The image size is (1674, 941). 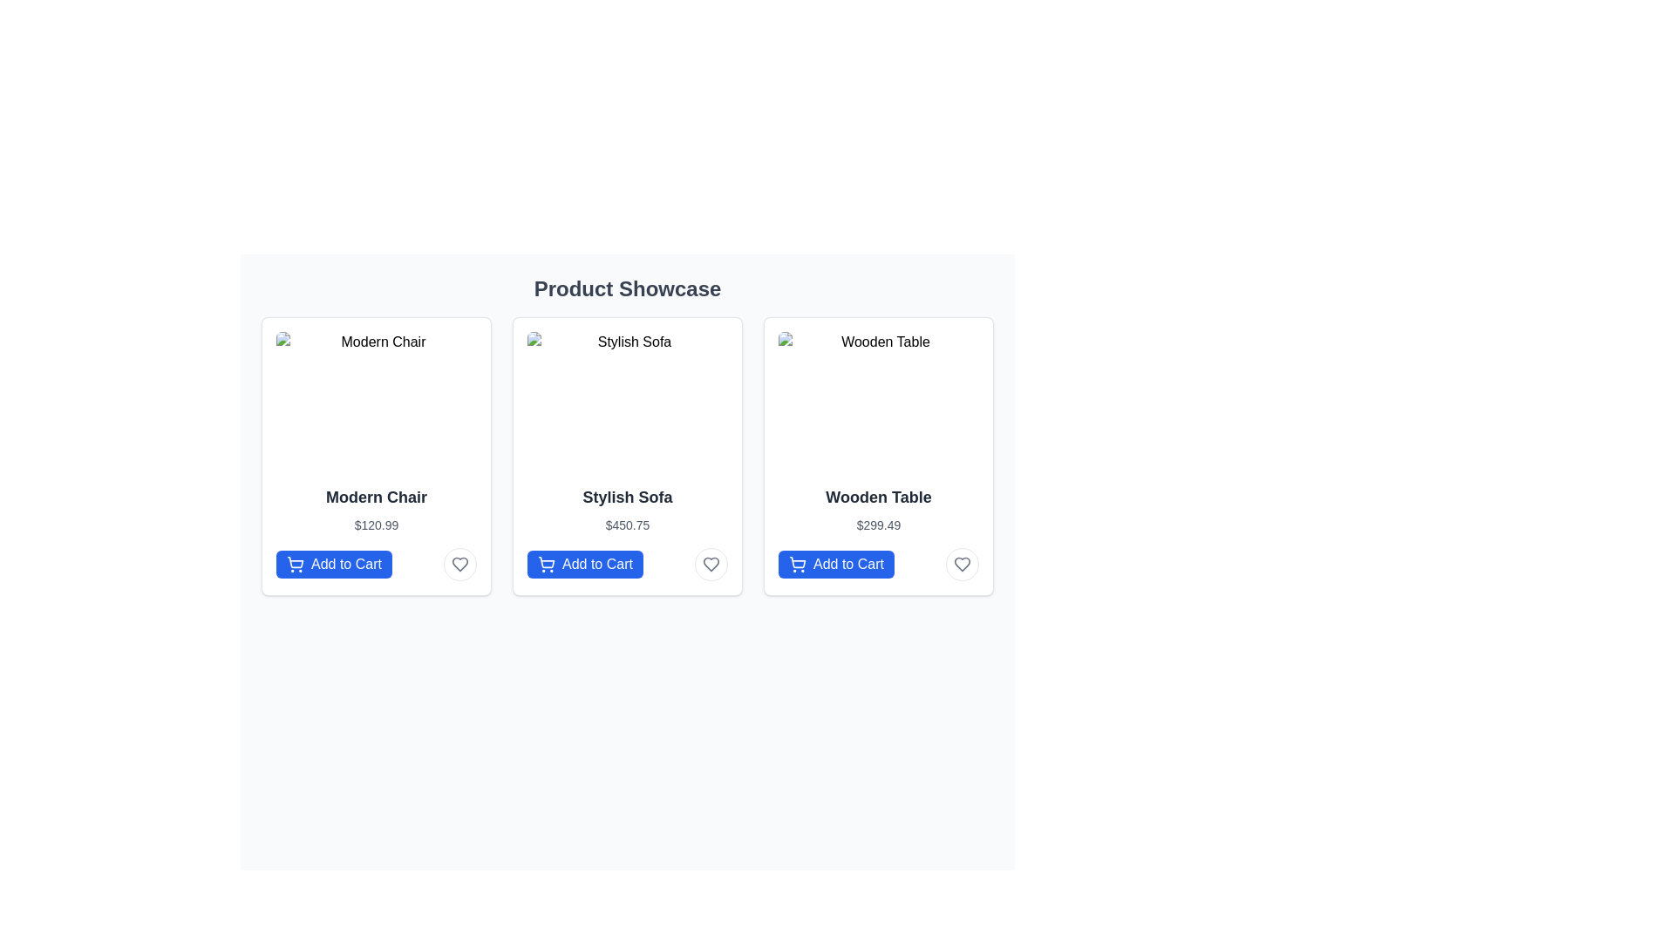 I want to click on the Text label that provides context for the 'Add to Cart' button, positioned centrally below the product name and price within the middle card of a 3-card grid layout, so click(x=597, y=565).